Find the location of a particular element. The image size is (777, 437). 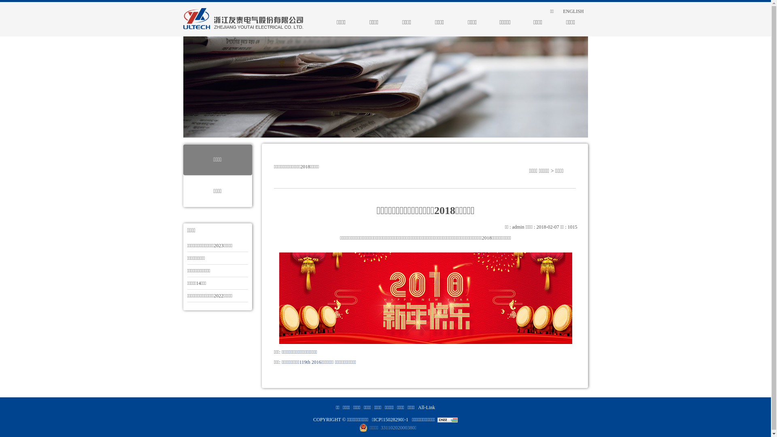

'rss' is located at coordinates (534, 11).